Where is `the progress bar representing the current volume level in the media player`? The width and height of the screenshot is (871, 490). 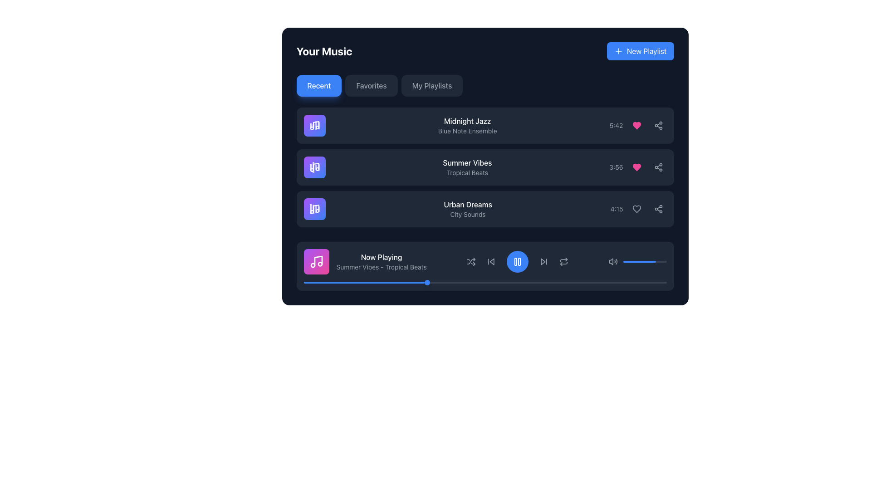 the progress bar representing the current volume level in the media player is located at coordinates (639, 262).